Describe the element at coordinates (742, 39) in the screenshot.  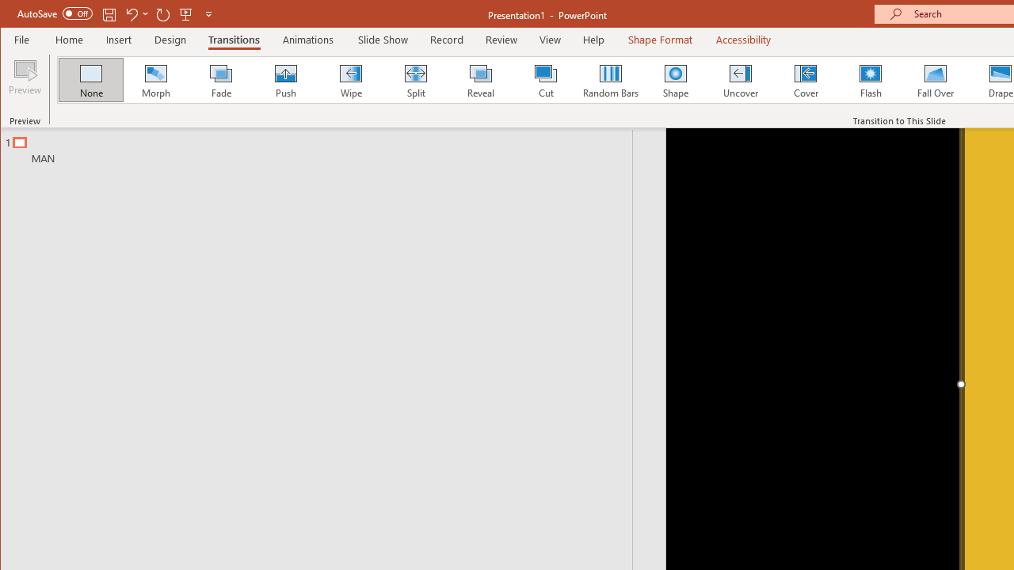
I see `'Accessibility'` at that location.